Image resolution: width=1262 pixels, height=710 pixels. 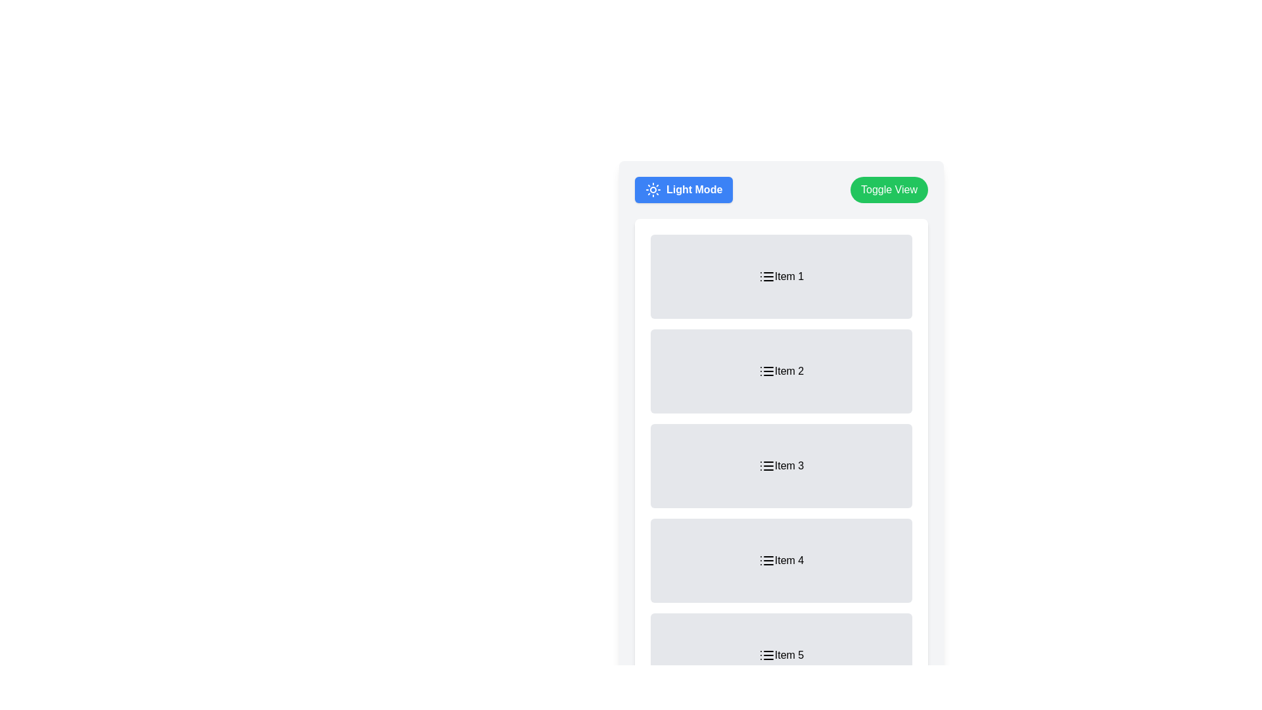 I want to click on the list icon represented by three horizontally stacked lines, located in the top-left corner of the 'Item 5' element in a vertically stacked list, so click(x=766, y=655).